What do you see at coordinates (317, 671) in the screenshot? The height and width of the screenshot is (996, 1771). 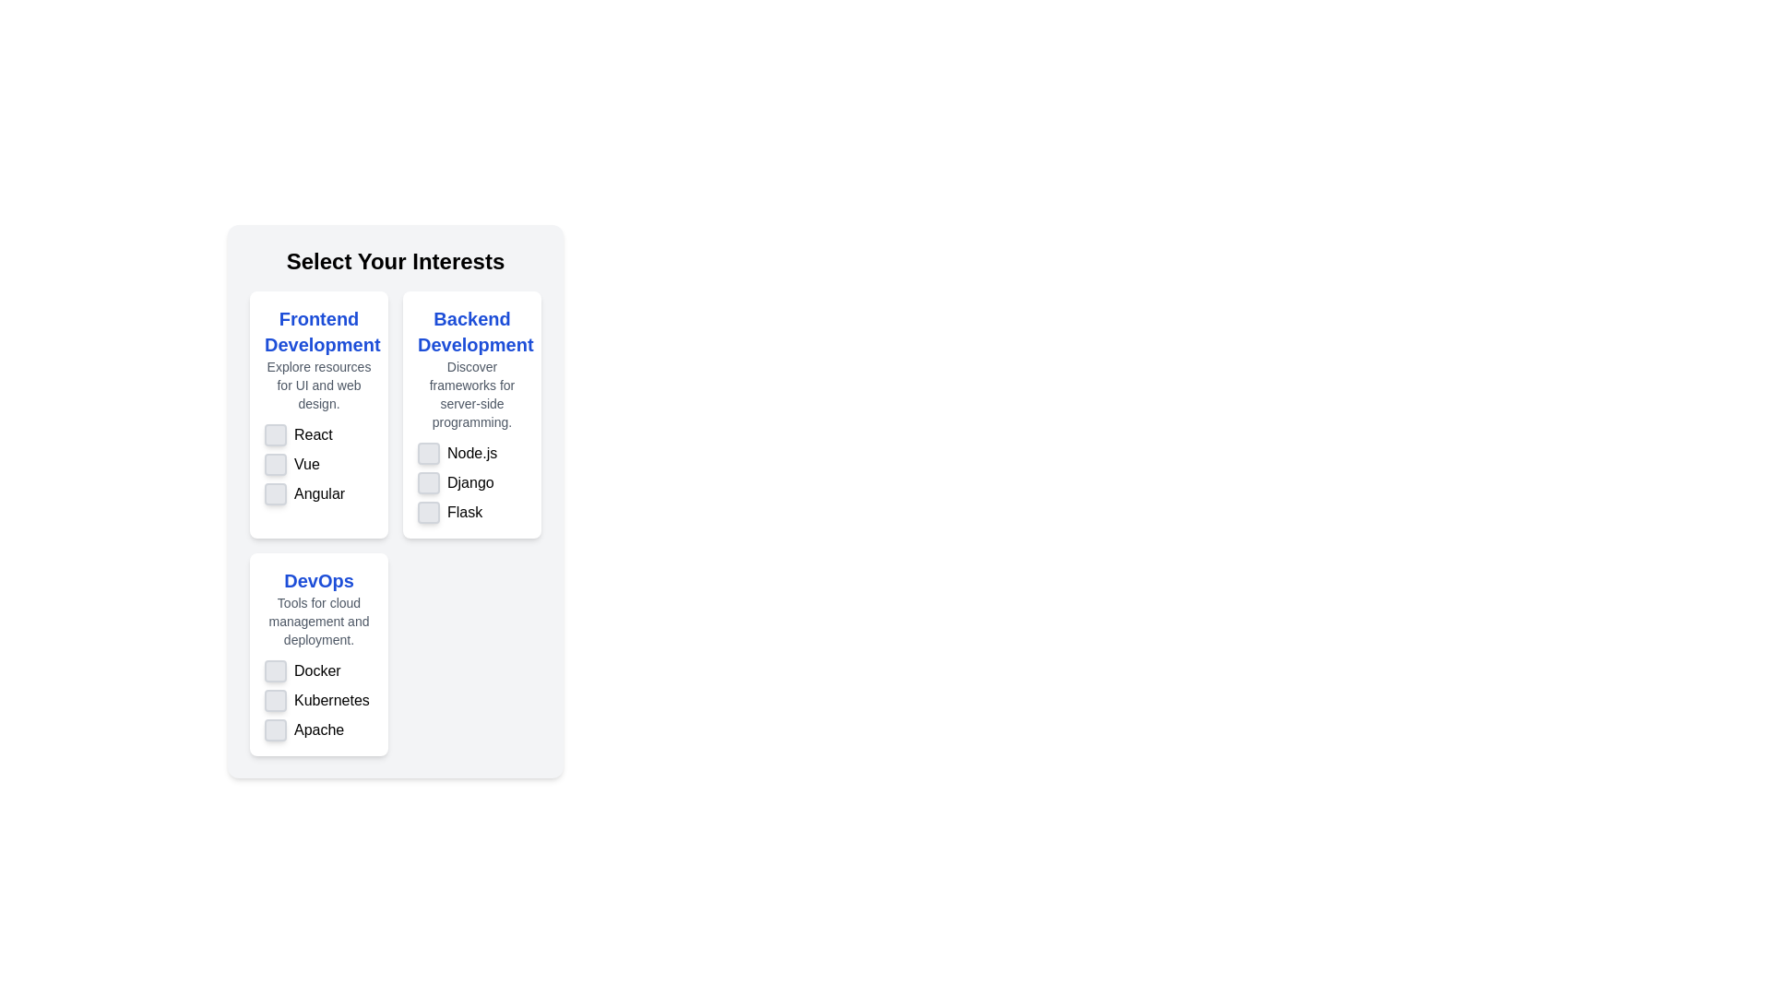 I see `text content of the static label displaying 'Docker', which is located in the bottom-left column under the 'DevOps' category, next to its associated checkbox` at bounding box center [317, 671].